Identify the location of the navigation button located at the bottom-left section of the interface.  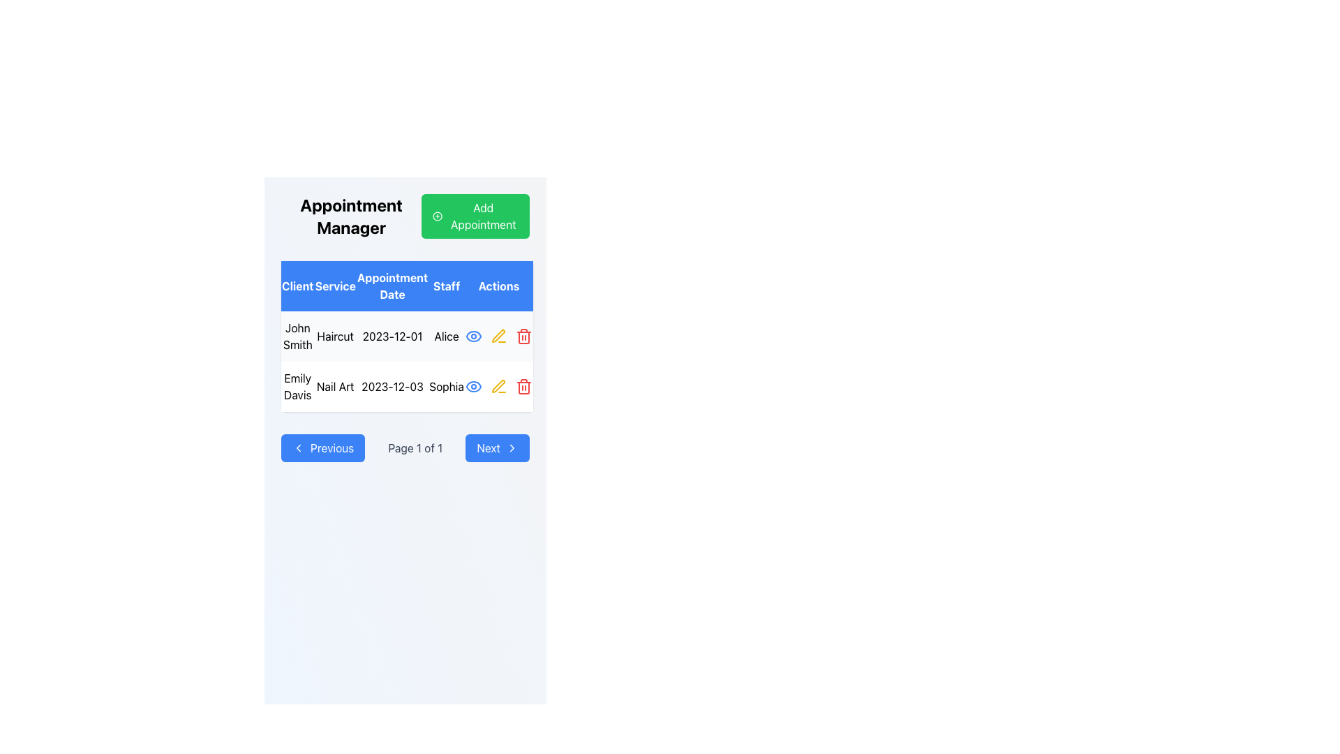
(322, 448).